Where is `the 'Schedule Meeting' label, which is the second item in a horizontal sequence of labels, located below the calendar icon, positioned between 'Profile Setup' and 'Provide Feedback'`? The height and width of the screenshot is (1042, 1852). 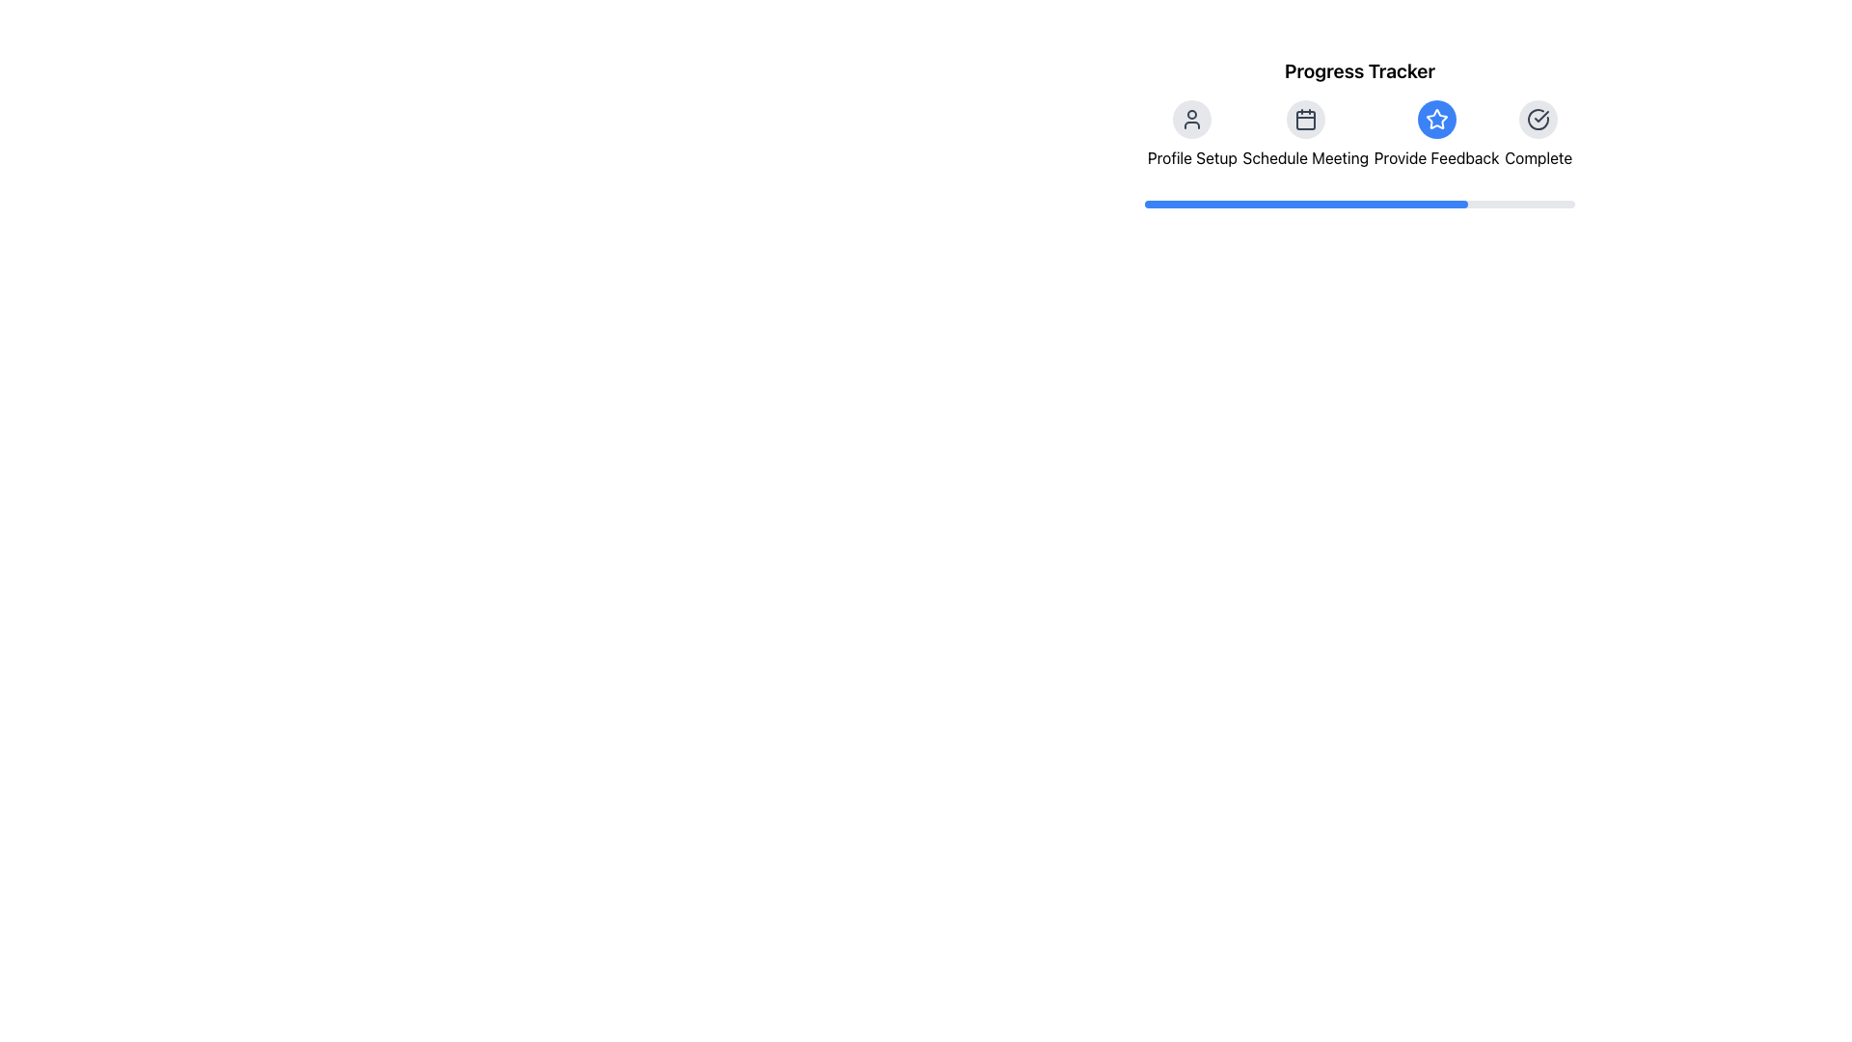
the 'Schedule Meeting' label, which is the second item in a horizontal sequence of labels, located below the calendar icon, positioned between 'Profile Setup' and 'Provide Feedback' is located at coordinates (1305, 157).